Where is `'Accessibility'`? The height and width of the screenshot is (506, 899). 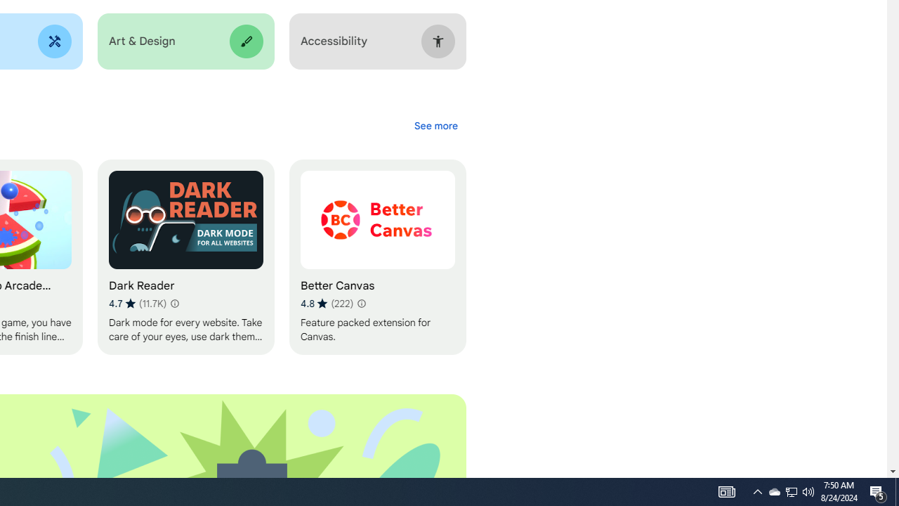
'Accessibility' is located at coordinates (377, 41).